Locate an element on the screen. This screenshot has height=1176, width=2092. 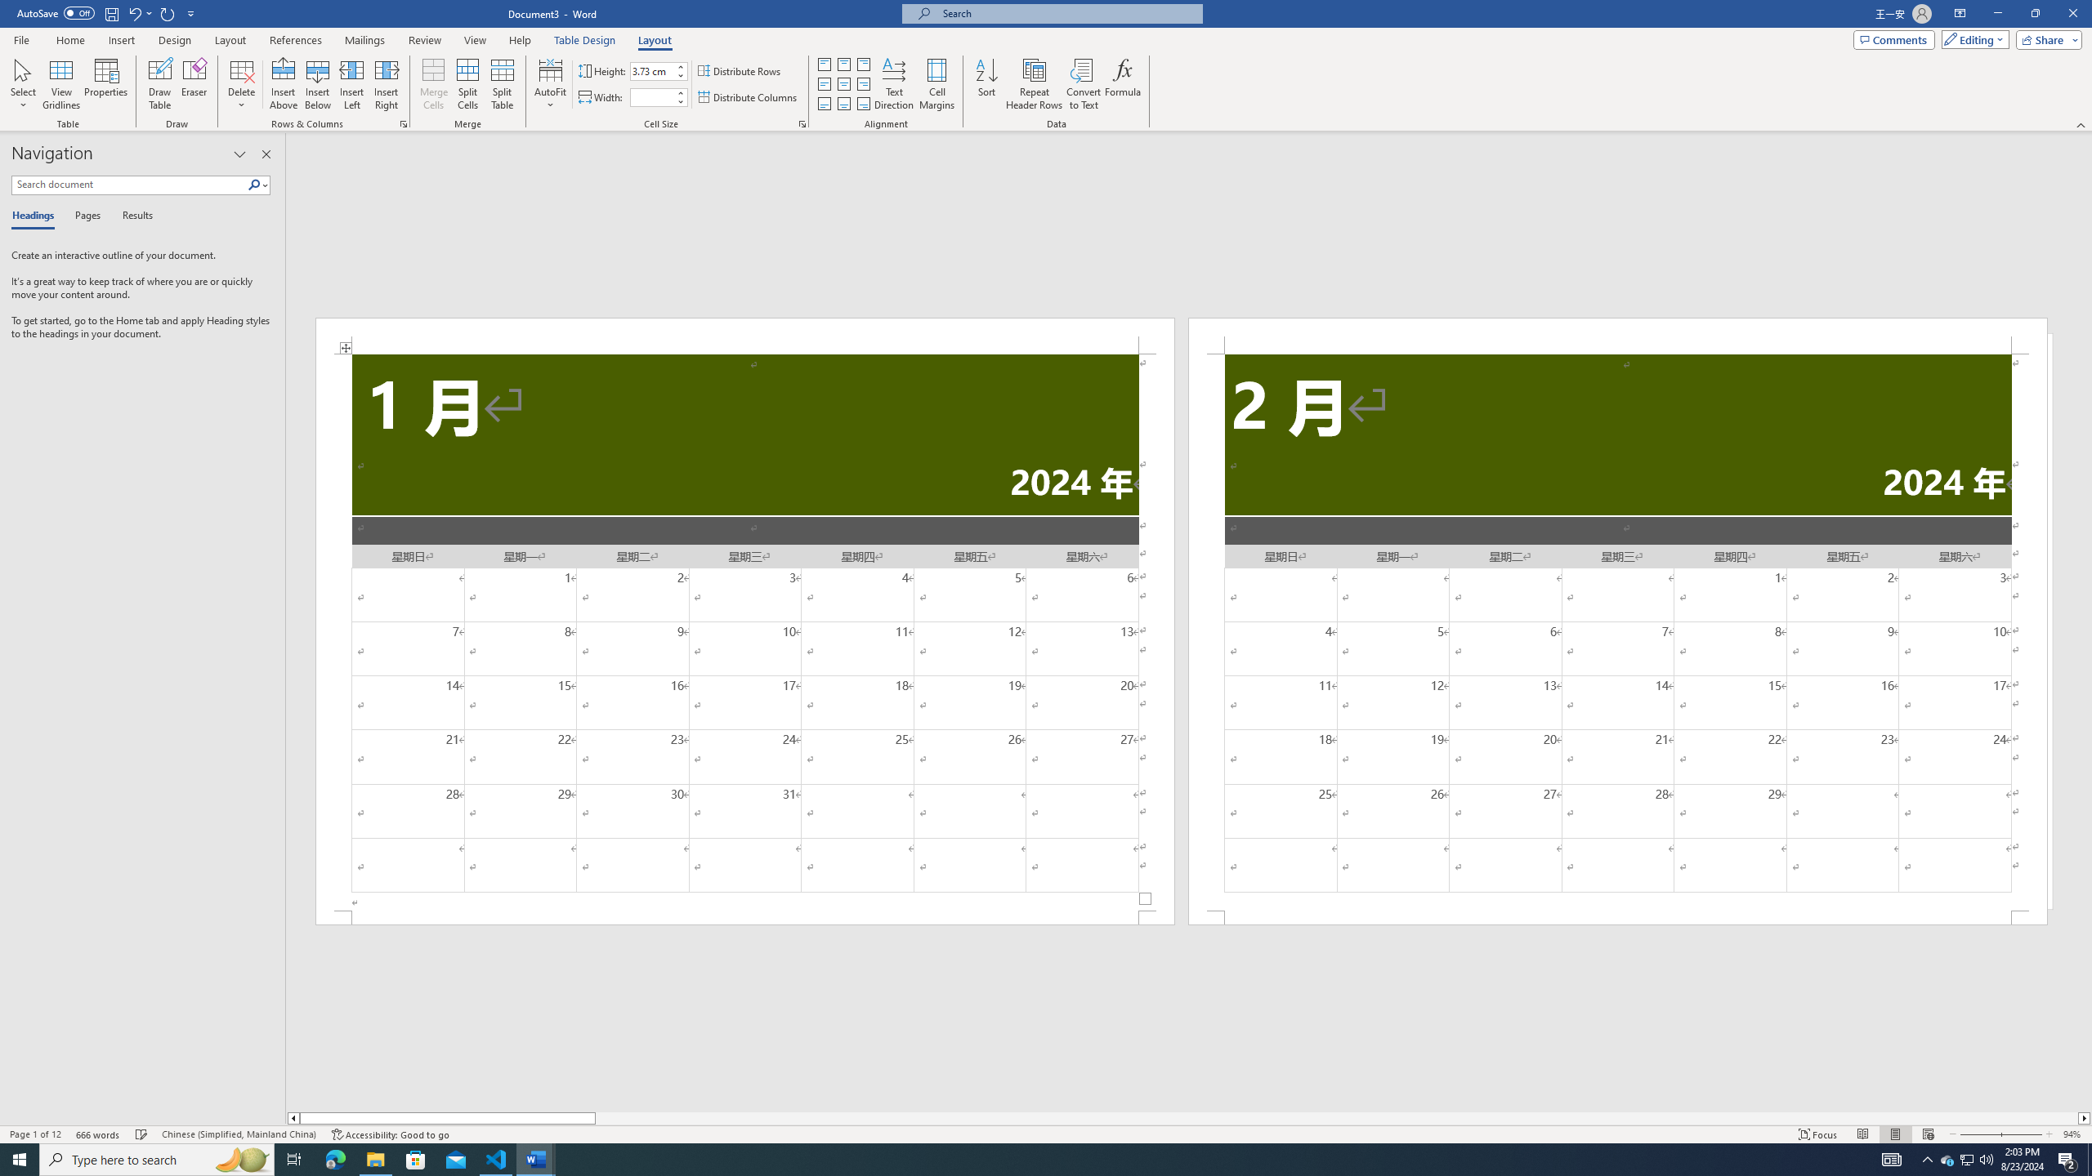
'Formula...' is located at coordinates (1122, 84).